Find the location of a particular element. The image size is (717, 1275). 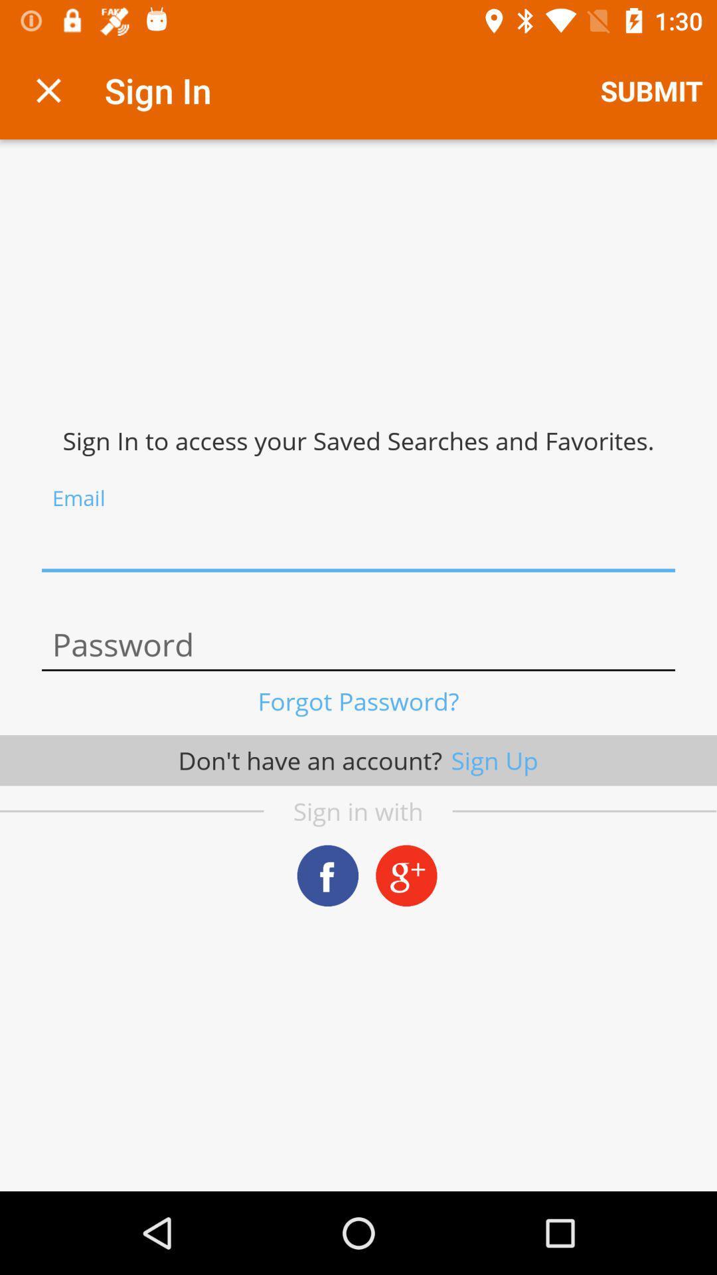

share is located at coordinates (327, 875).